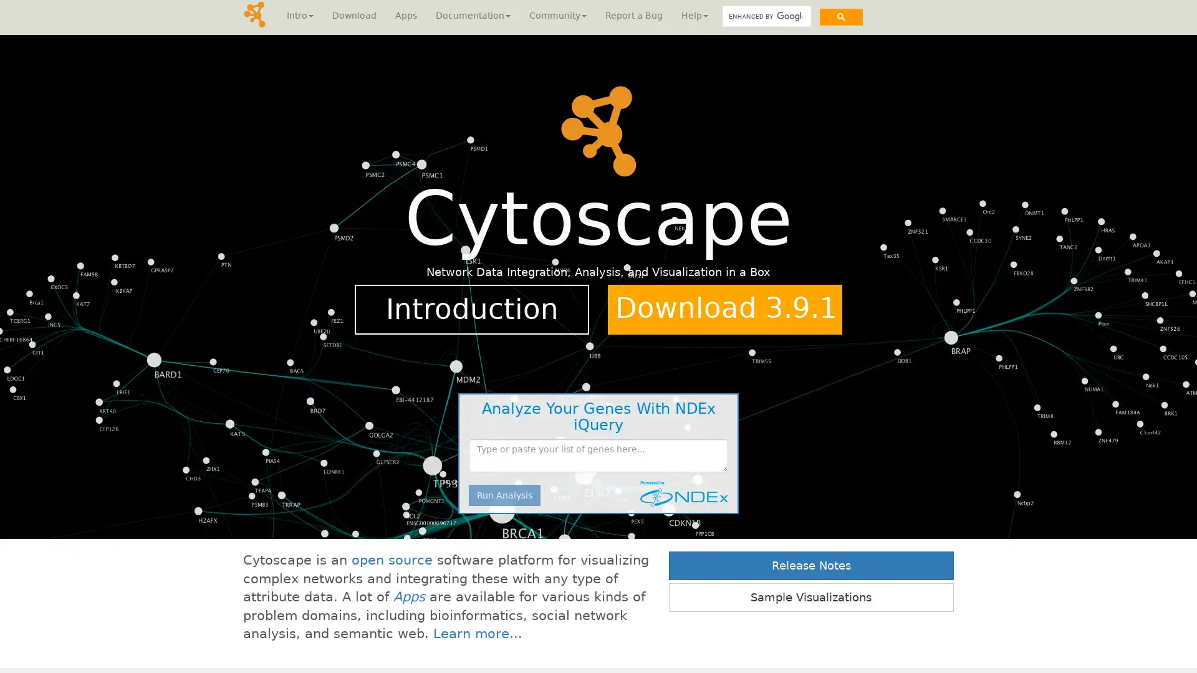  Describe the element at coordinates (840, 16) in the screenshot. I see `search` at that location.